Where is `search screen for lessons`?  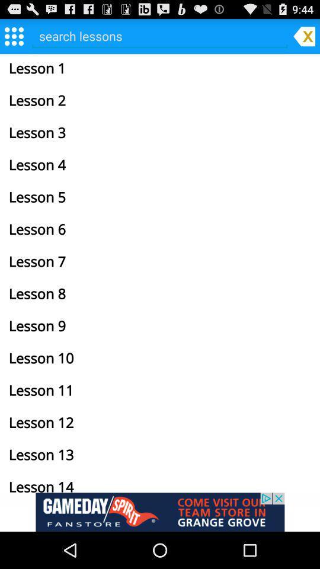 search screen for lessons is located at coordinates (160, 35).